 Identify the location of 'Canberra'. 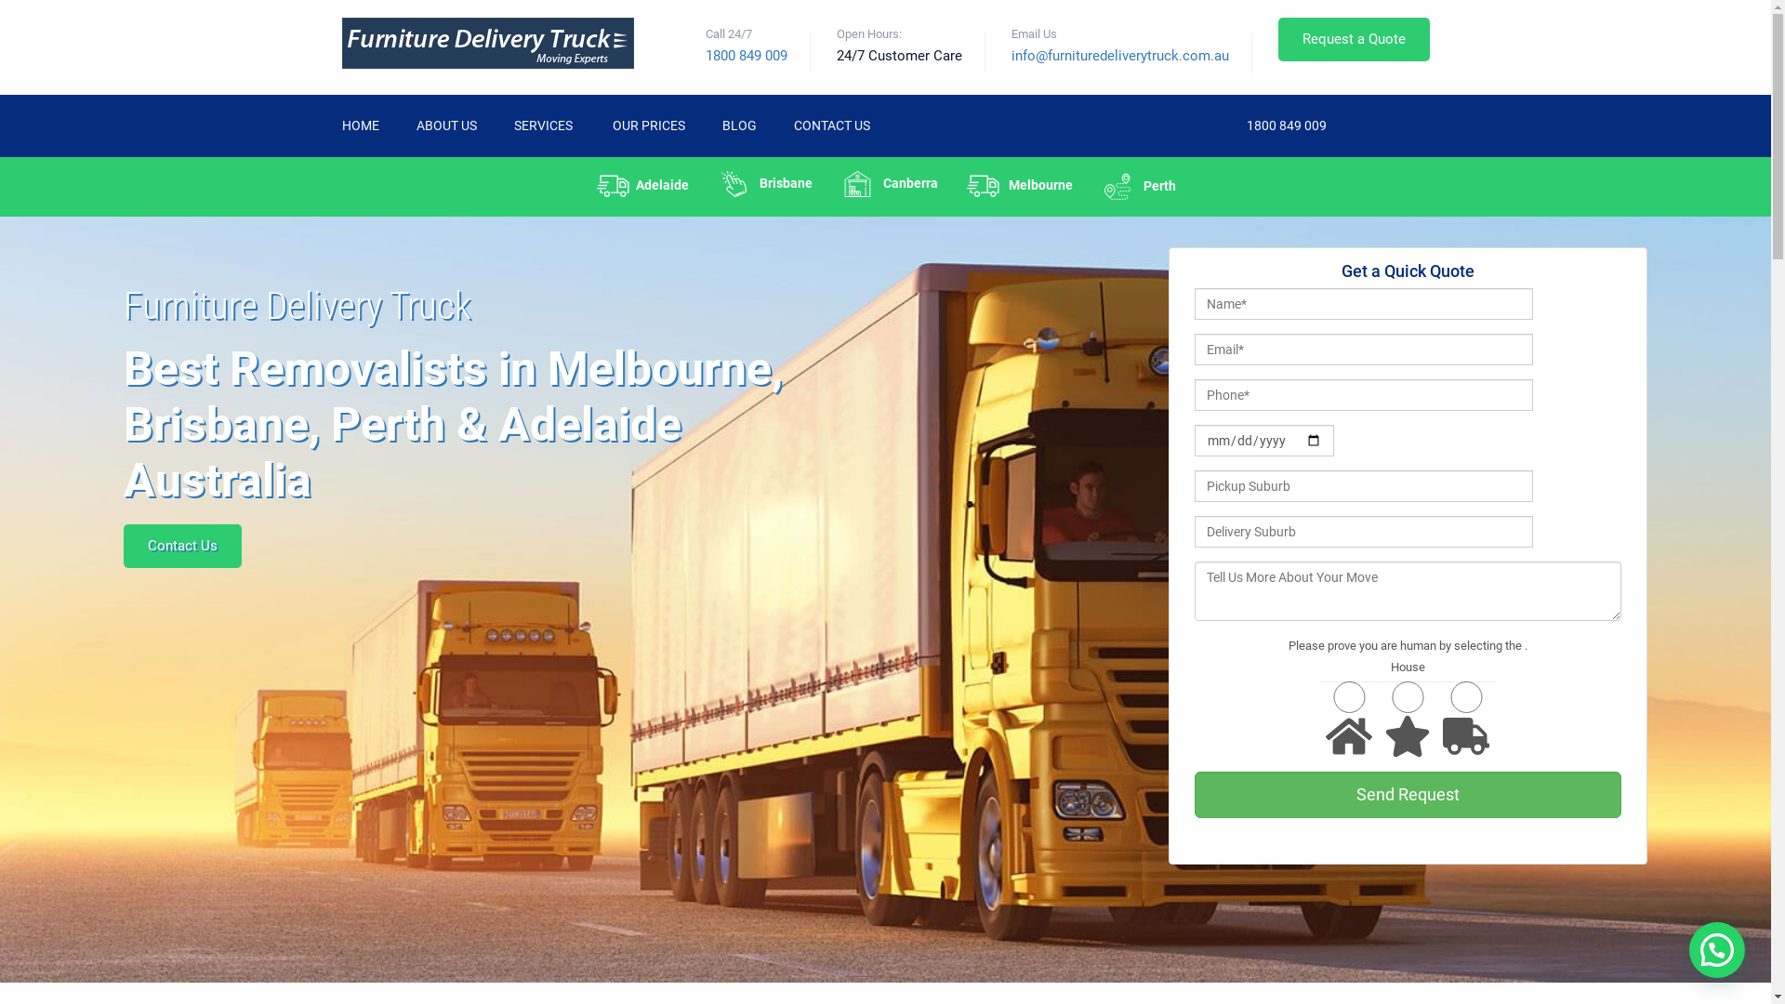
(825, 183).